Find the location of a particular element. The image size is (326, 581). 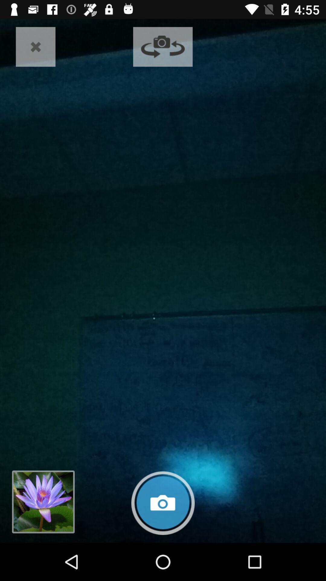

the icon at the bottom left corner is located at coordinates (43, 502).